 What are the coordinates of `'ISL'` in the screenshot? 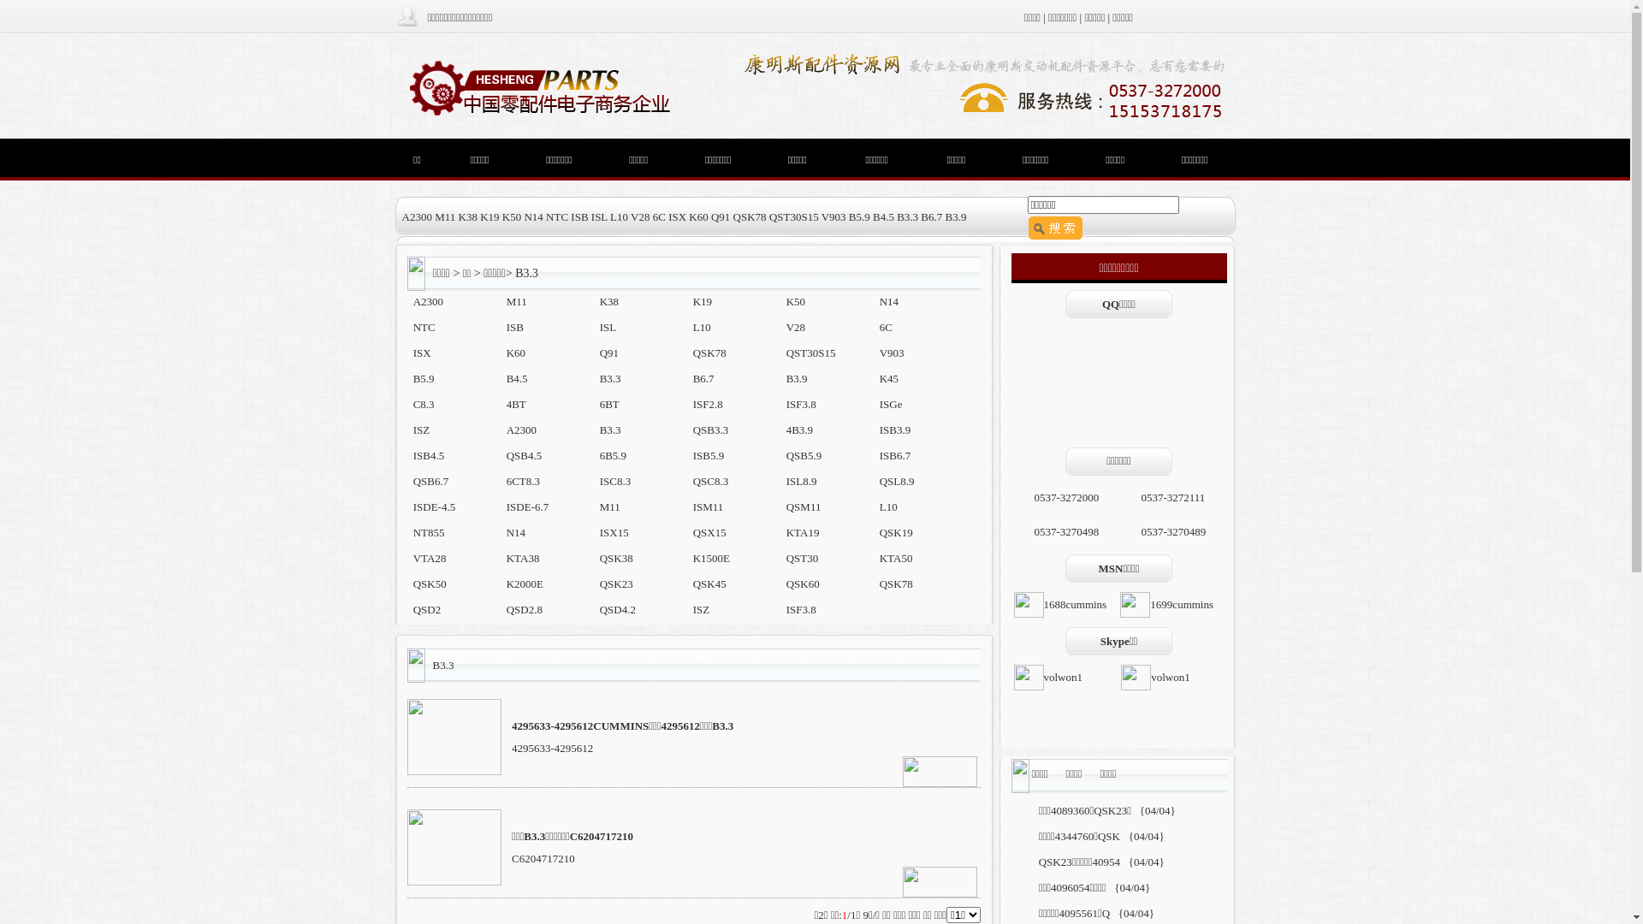 It's located at (608, 327).